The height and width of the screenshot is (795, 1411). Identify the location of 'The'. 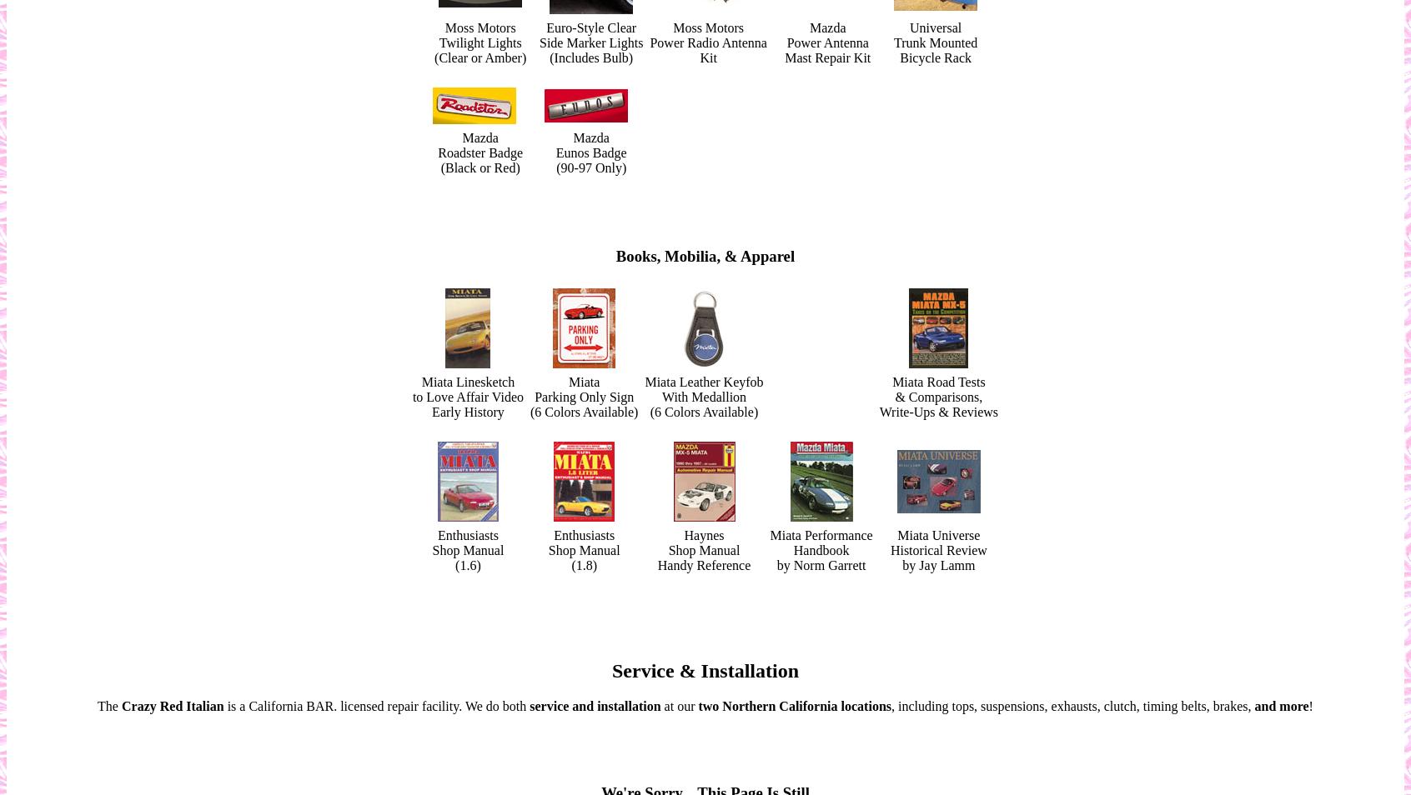
(108, 706).